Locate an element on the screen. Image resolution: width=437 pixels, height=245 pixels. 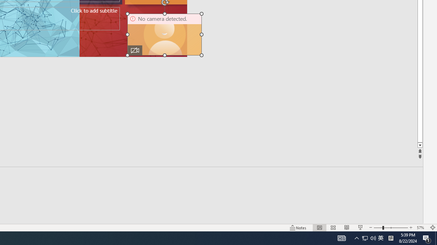
'Camera 11, No camera detected.' is located at coordinates (165, 34).